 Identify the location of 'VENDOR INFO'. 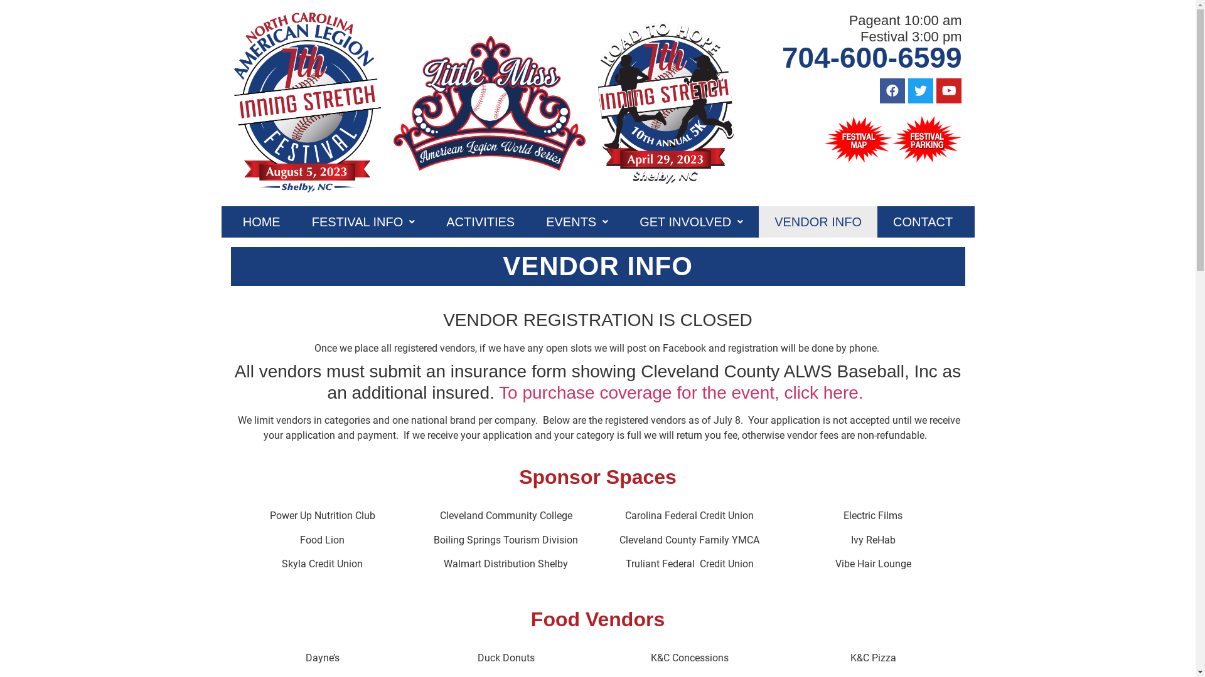
(818, 221).